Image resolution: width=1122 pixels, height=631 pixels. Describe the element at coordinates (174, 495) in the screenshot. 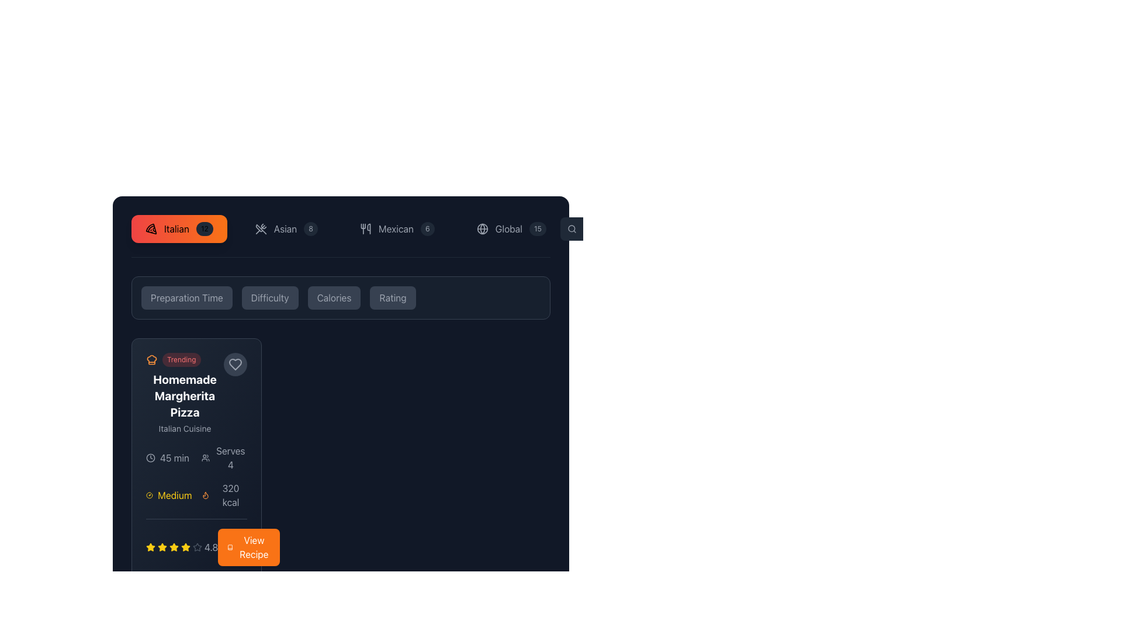

I see `the text label displaying 'Medium' in bold yellow font, located within a recipe card structure, below the time and servings icons, and to the left of the flame icon` at that location.